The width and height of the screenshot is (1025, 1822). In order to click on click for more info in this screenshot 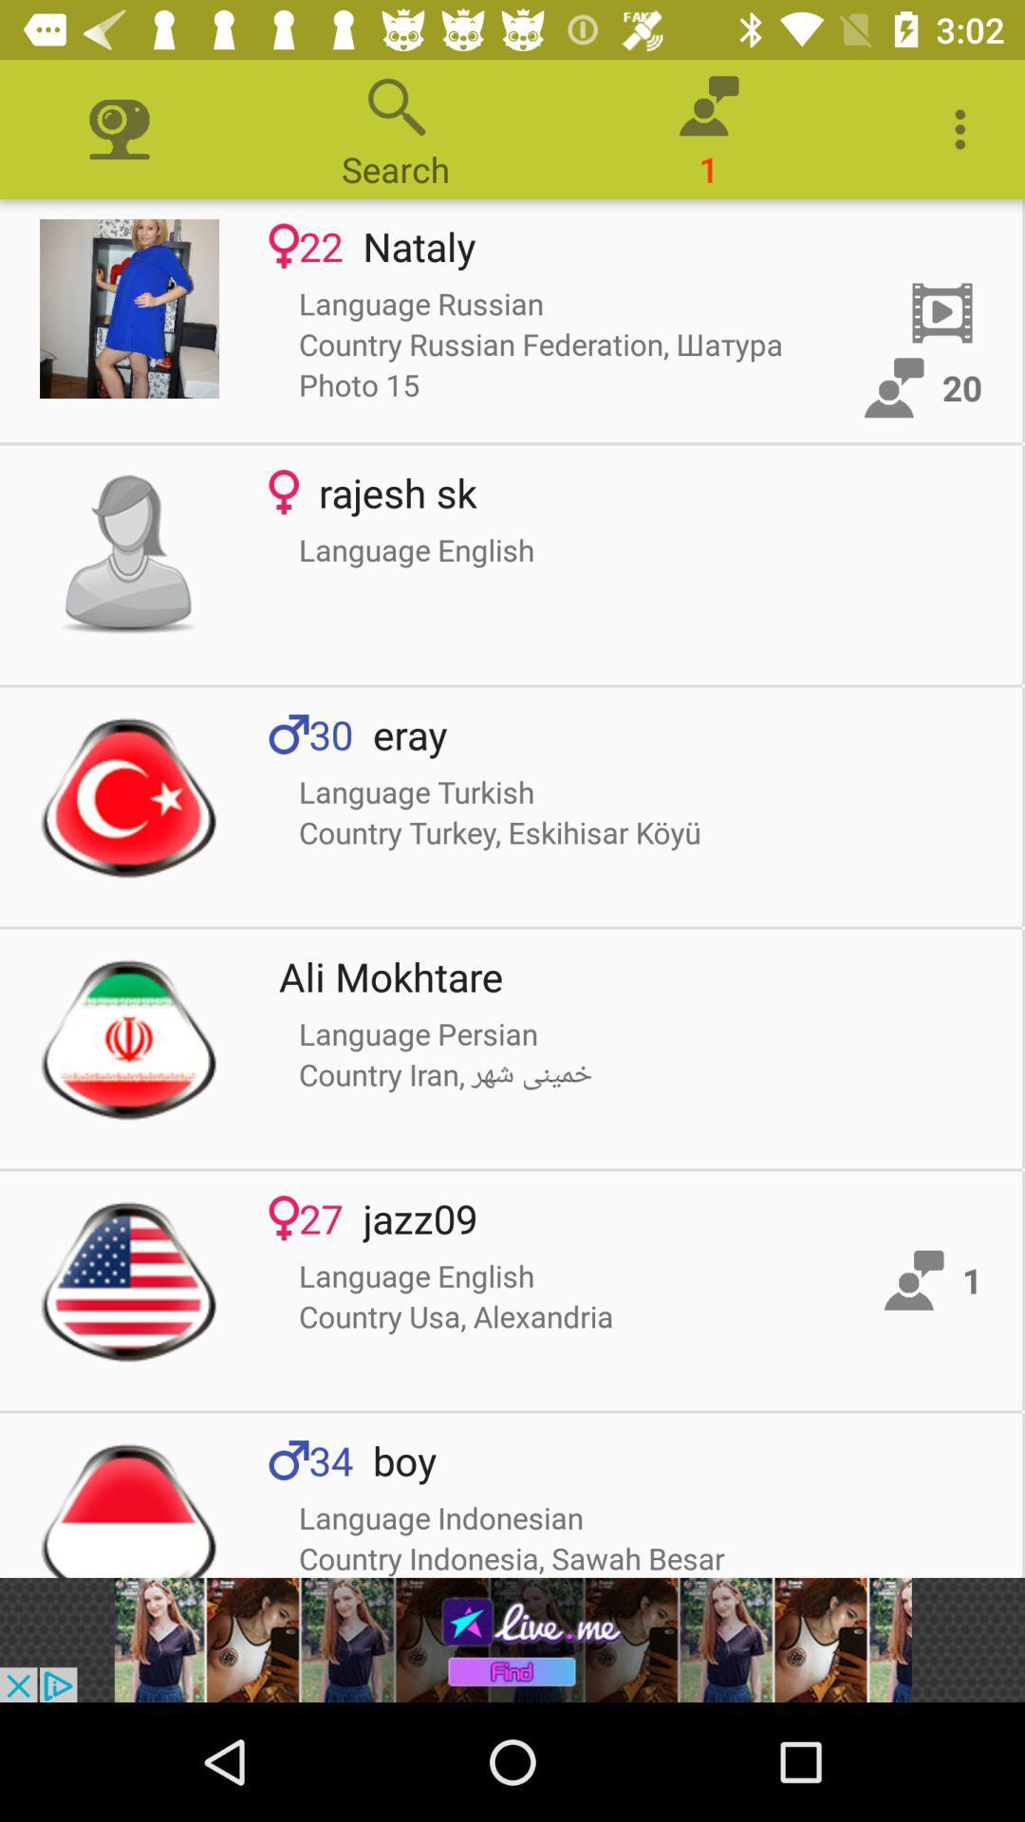, I will do `click(128, 1037)`.